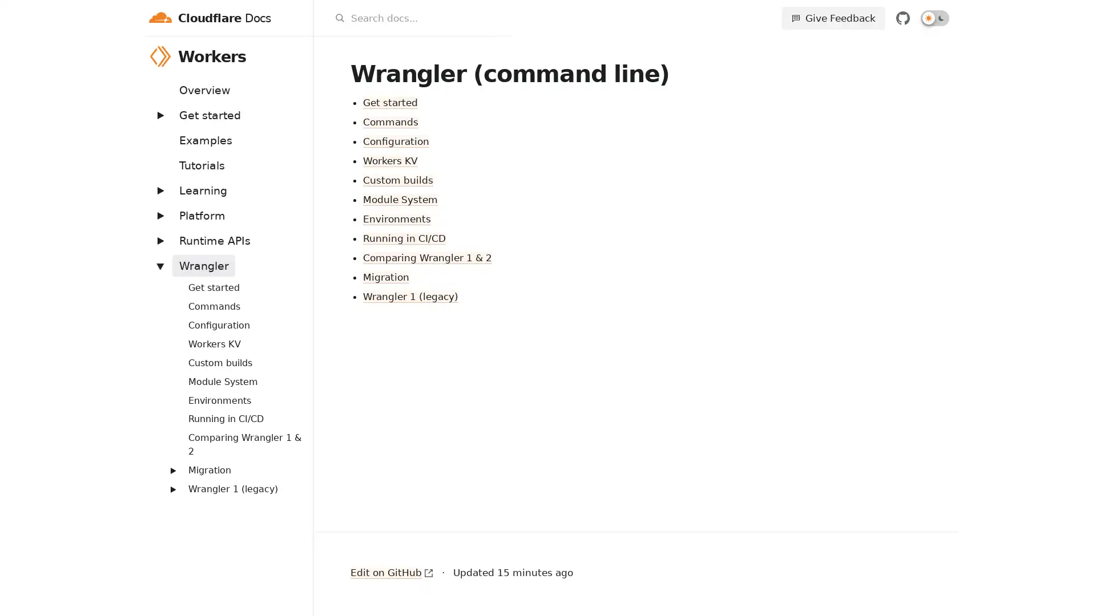 Image resolution: width=1096 pixels, height=616 pixels. What do you see at coordinates (159, 115) in the screenshot?
I see `Expand: Get started` at bounding box center [159, 115].